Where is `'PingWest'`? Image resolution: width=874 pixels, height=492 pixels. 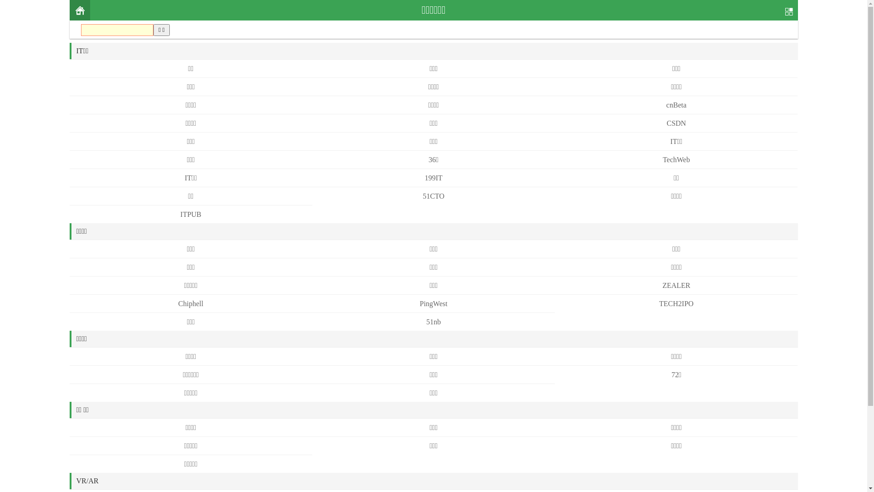 'PingWest' is located at coordinates (433, 303).